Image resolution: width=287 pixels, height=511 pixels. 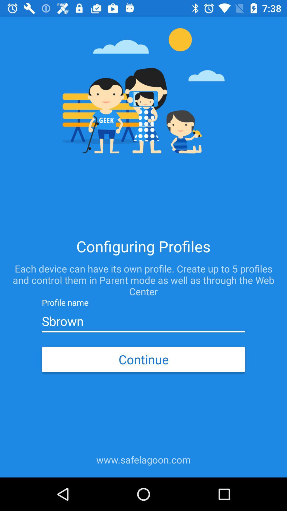 What do you see at coordinates (143, 321) in the screenshot?
I see `sbrown item` at bounding box center [143, 321].